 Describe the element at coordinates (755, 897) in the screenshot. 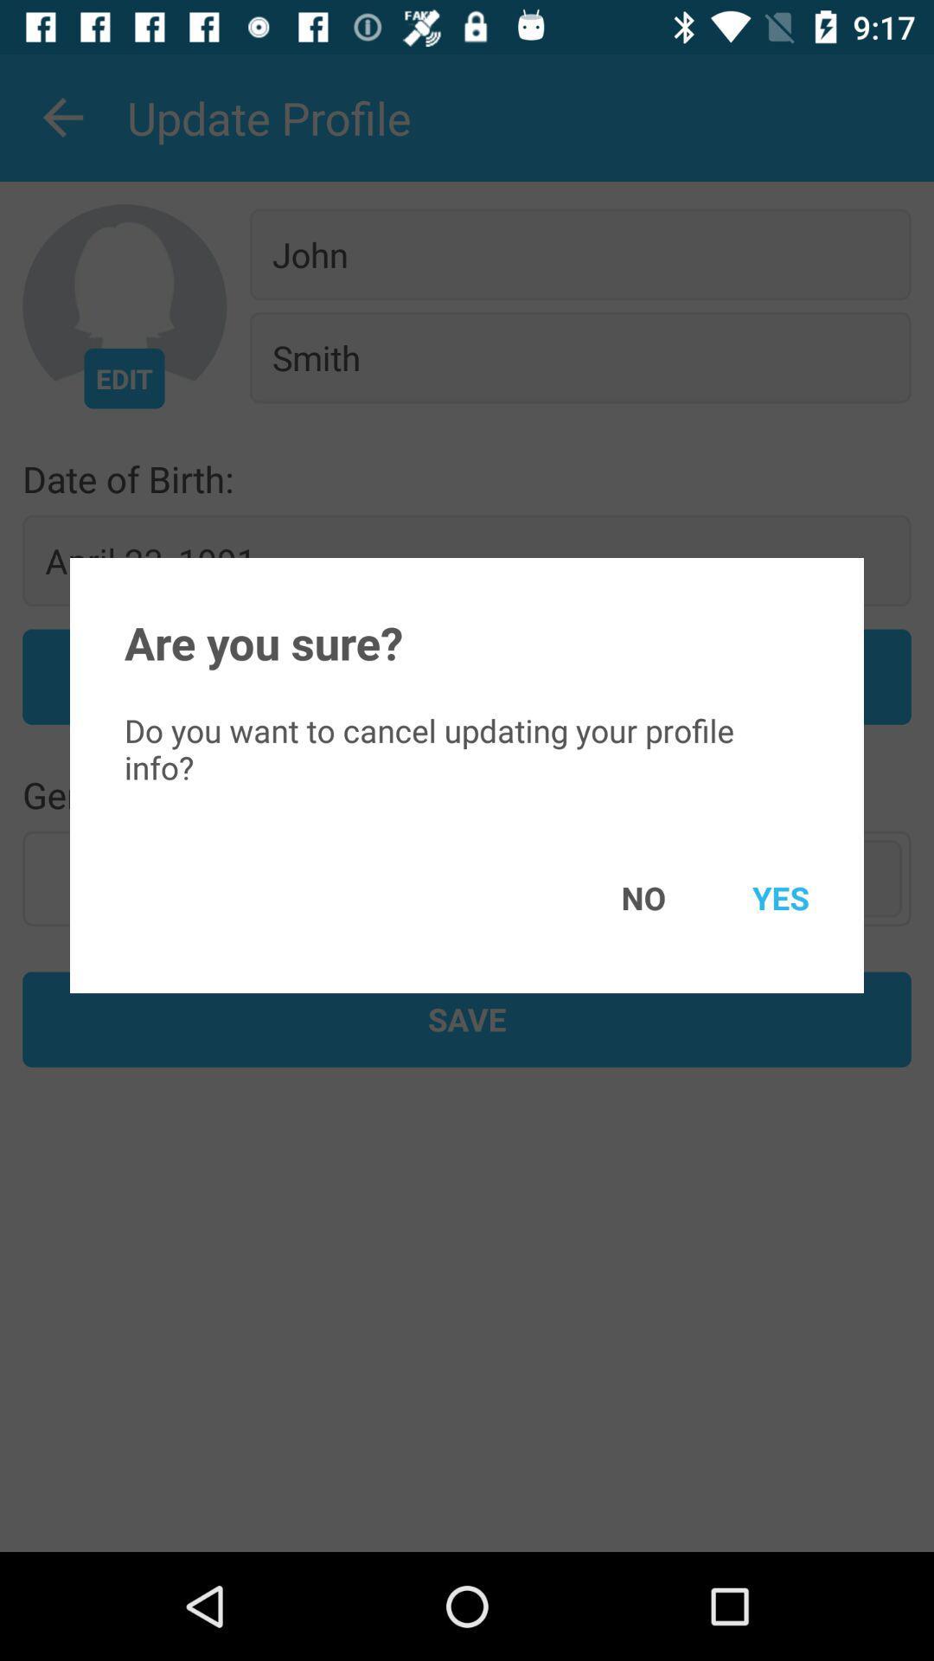

I see `the icon to the right of no icon` at that location.